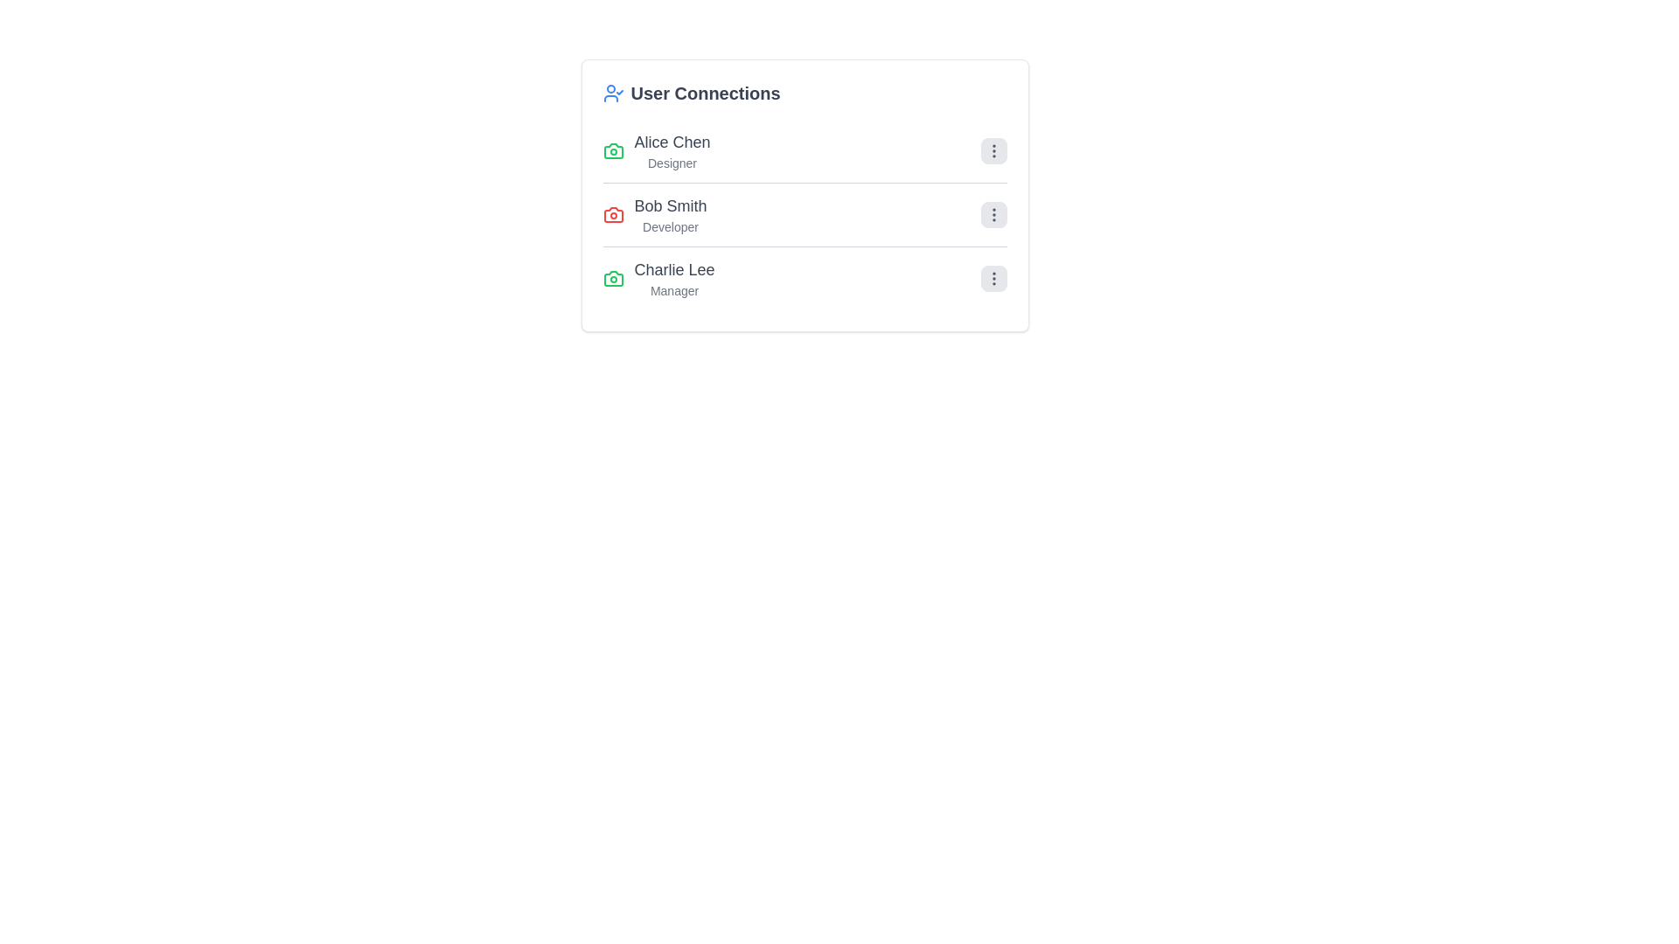  What do you see at coordinates (671, 150) in the screenshot?
I see `the text label displaying 'Alice Chen, Designer' in the 'User Connections' list, which is the first entry below the title and icon` at bounding box center [671, 150].